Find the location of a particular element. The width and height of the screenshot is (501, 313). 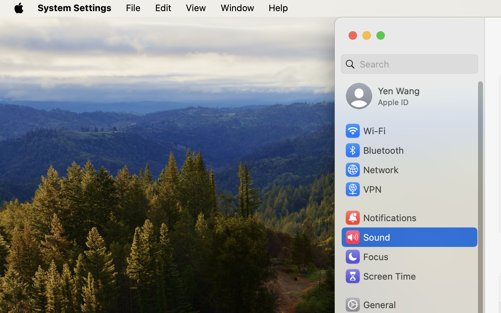

'Network' is located at coordinates (372, 169).